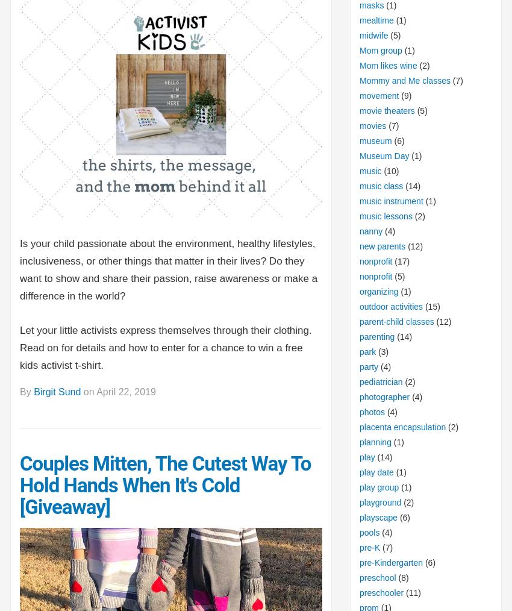  I want to click on 'Let your little activists express themselves through their clothing. Read on for details and how to enter for a chance to win a free kids activist t-shirt.', so click(164, 347).